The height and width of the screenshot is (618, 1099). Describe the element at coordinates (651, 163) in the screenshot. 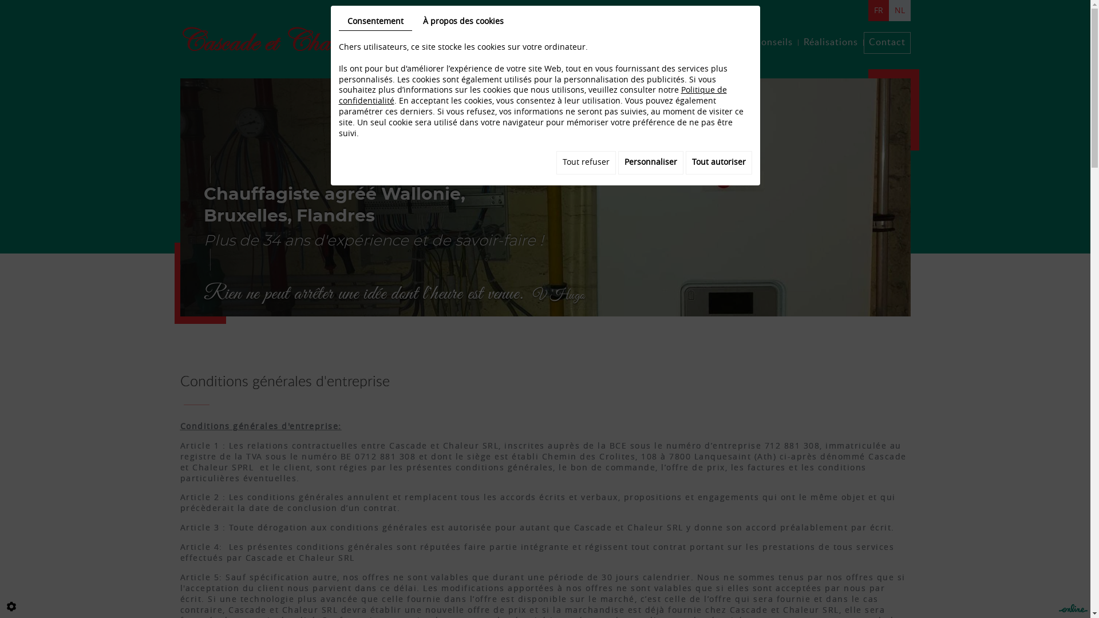

I see `'Personnaliser'` at that location.